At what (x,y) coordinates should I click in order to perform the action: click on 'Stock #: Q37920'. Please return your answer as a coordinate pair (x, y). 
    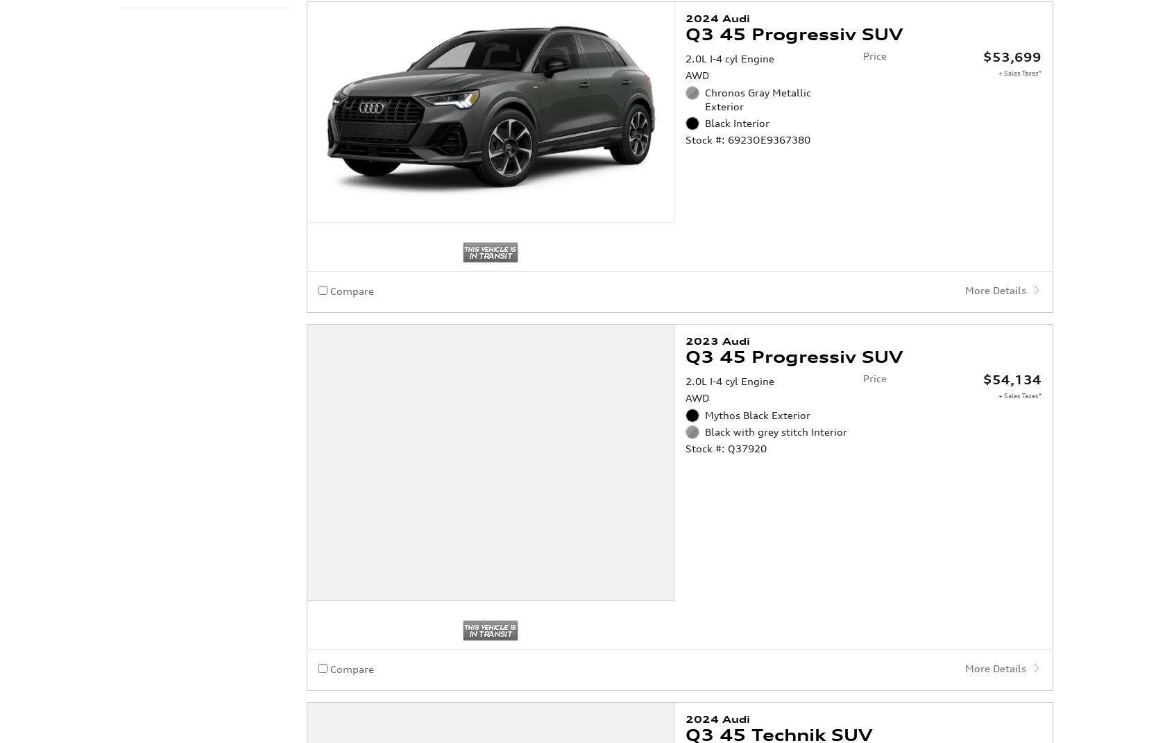
    Looking at the image, I should click on (724, 447).